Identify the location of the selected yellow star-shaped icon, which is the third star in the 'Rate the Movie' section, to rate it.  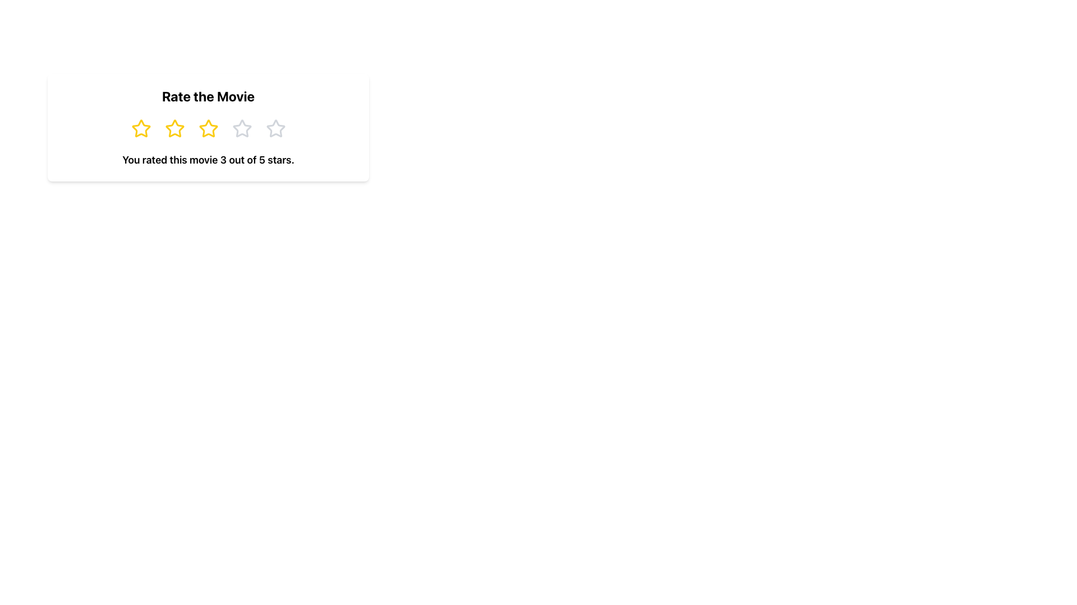
(208, 128).